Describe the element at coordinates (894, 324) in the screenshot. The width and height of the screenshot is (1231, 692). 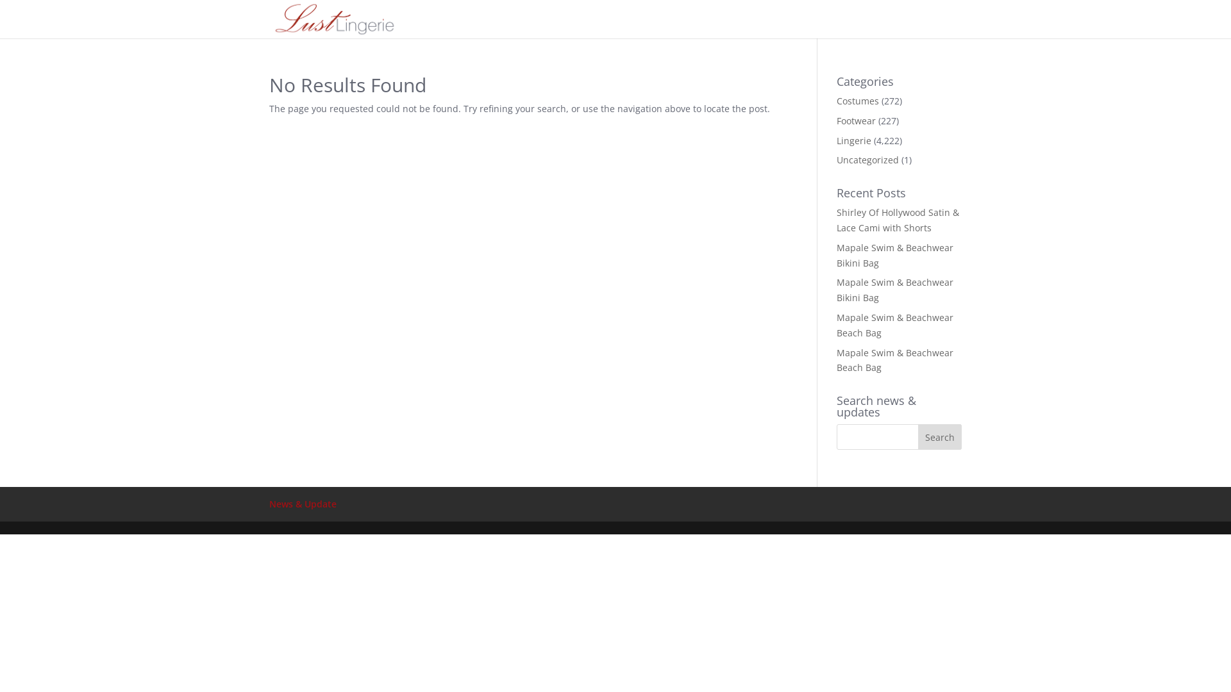
I see `'Mapale Swim & Beachwear Beach Bag'` at that location.